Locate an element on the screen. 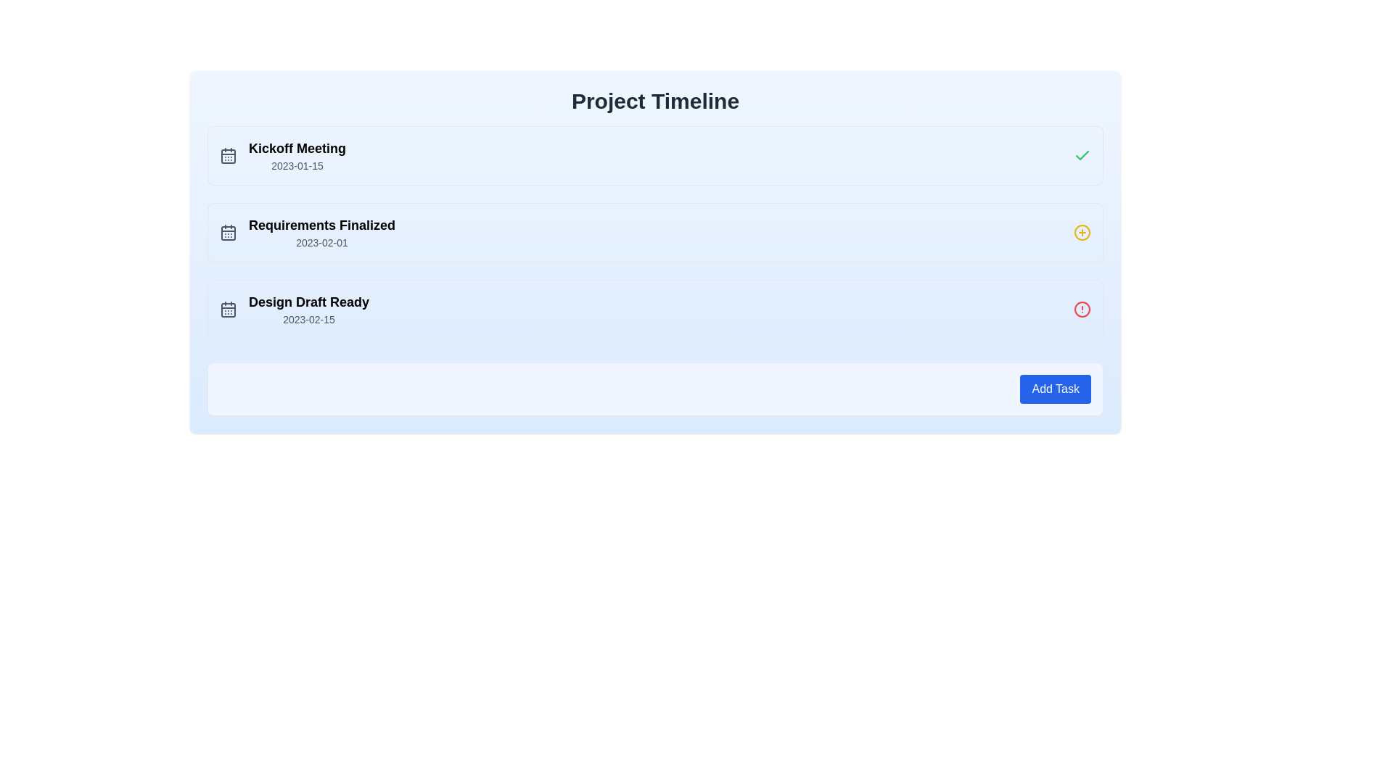 This screenshot has height=783, width=1393. the third item in the project timeline list that displays a milestone or task title and date is located at coordinates (294, 309).